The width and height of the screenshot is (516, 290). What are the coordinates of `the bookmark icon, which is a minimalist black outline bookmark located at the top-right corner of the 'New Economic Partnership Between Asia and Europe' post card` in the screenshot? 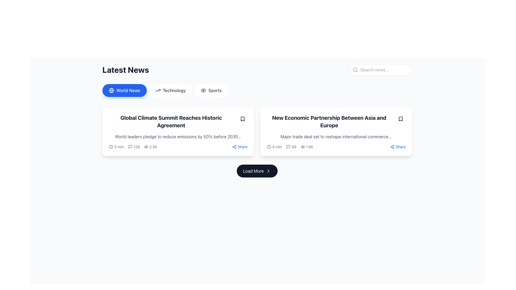 It's located at (401, 119).